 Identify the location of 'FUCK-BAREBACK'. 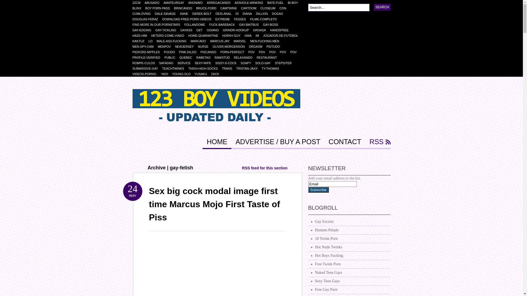
(224, 24).